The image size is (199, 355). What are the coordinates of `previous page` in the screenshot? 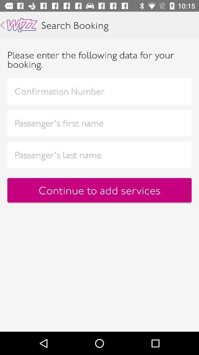 It's located at (2, 25).